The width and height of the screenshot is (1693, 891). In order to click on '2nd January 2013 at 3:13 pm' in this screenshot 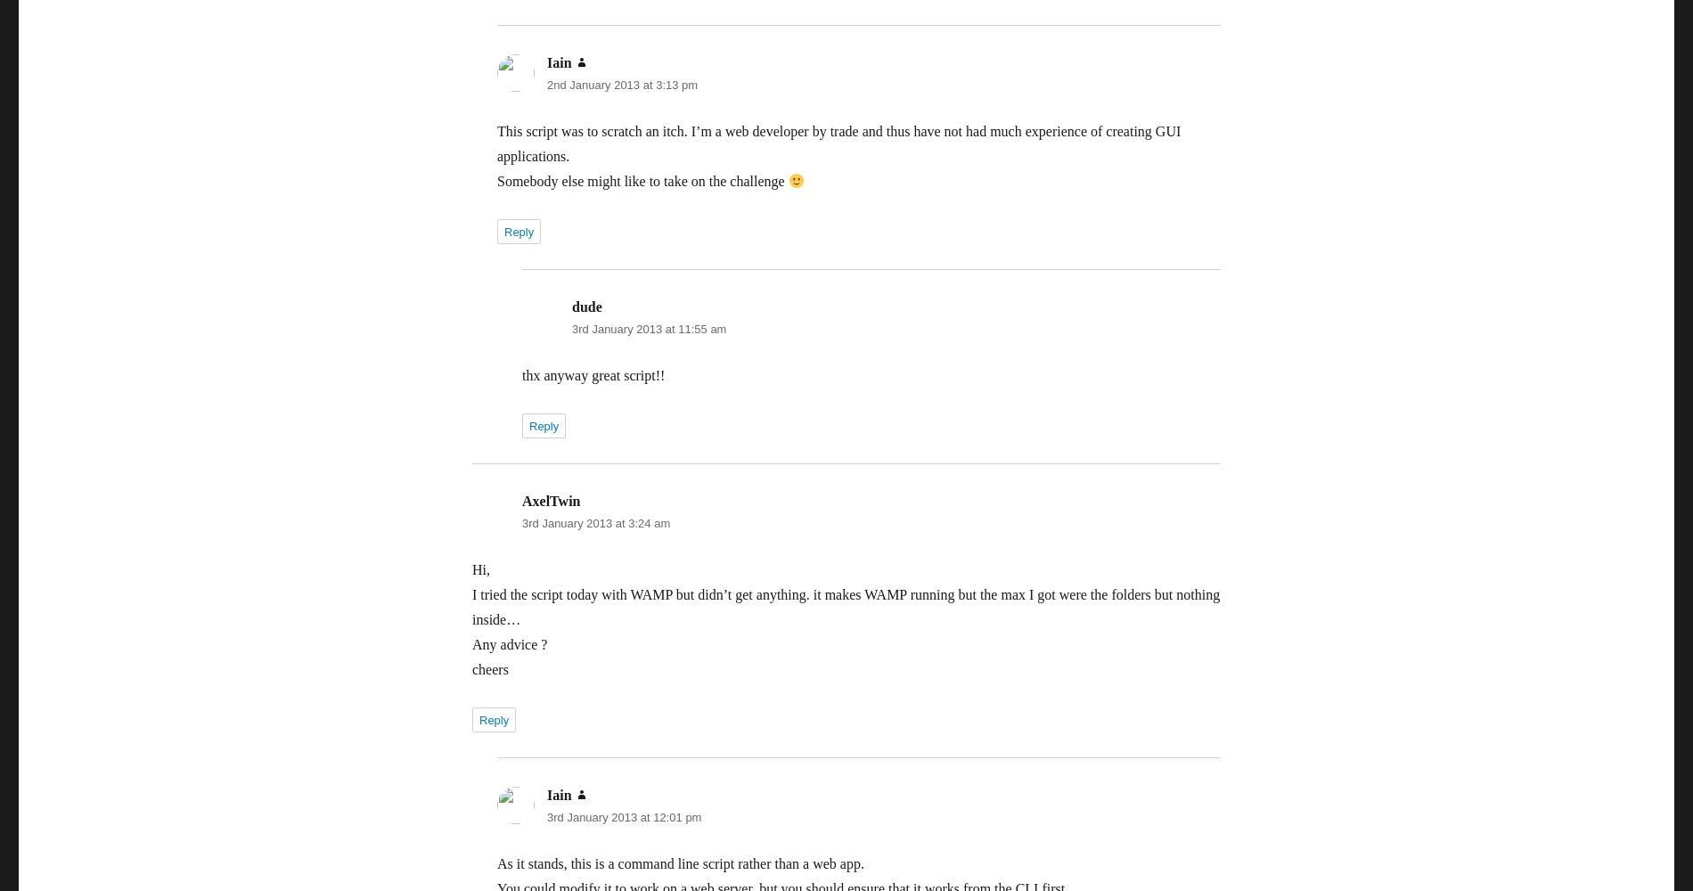, I will do `click(547, 84)`.